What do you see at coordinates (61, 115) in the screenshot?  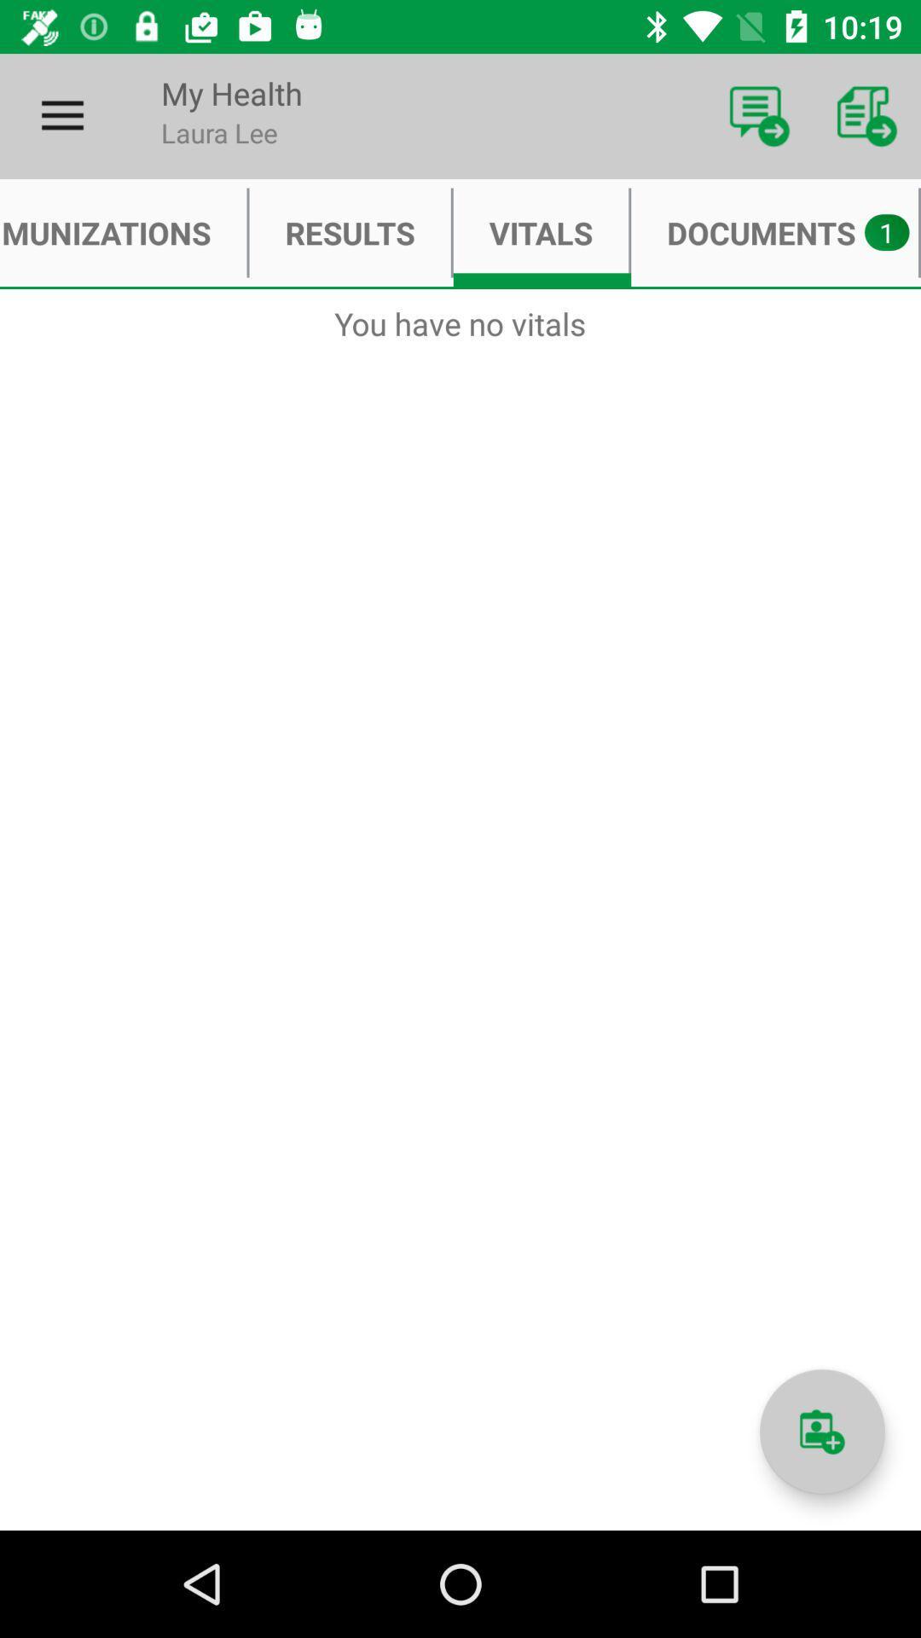 I see `icon above the immunizations item` at bounding box center [61, 115].